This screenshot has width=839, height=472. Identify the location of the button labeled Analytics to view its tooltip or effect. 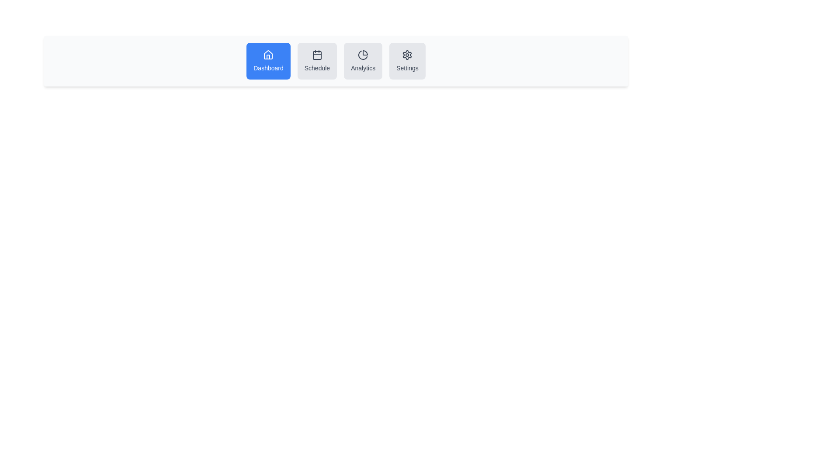
(363, 60).